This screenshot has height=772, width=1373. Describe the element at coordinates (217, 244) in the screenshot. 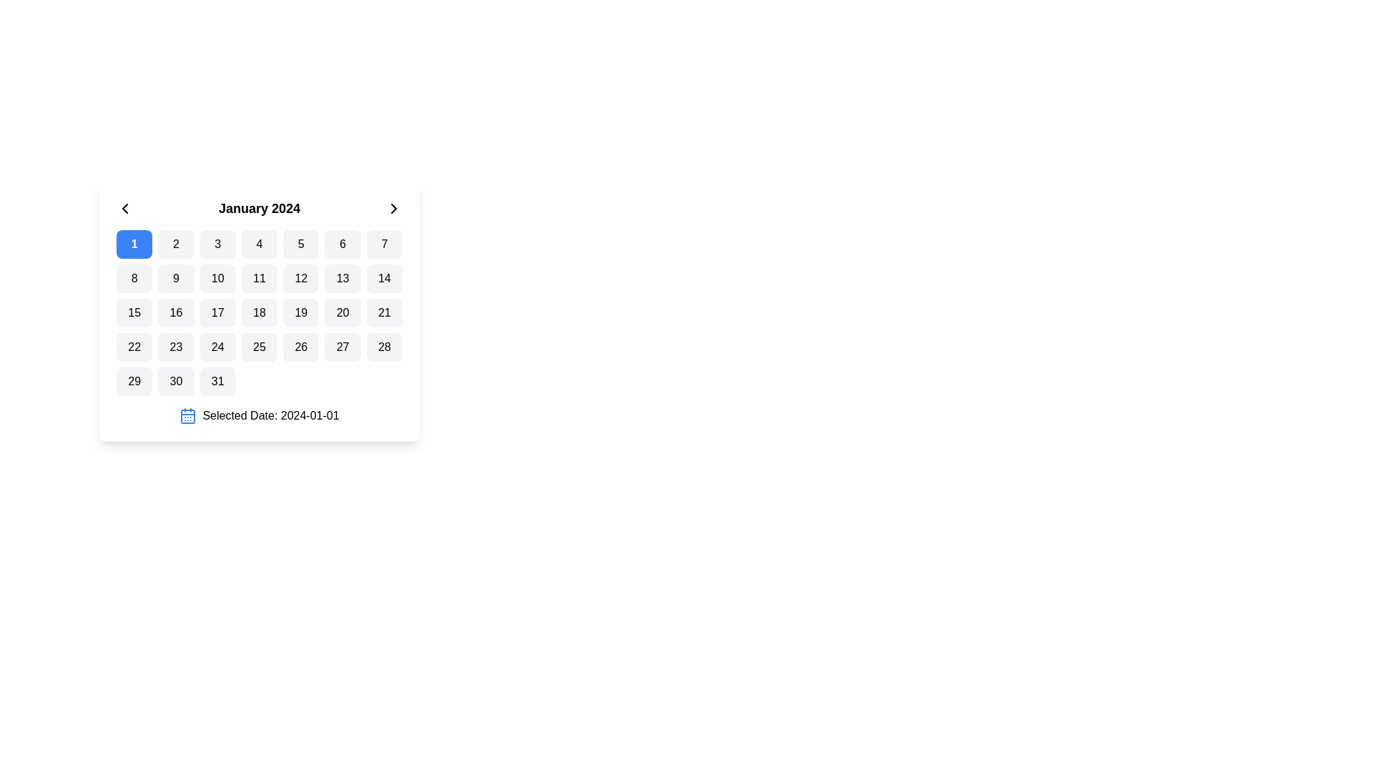

I see `the Calendar Day Button representing the date '3'` at that location.